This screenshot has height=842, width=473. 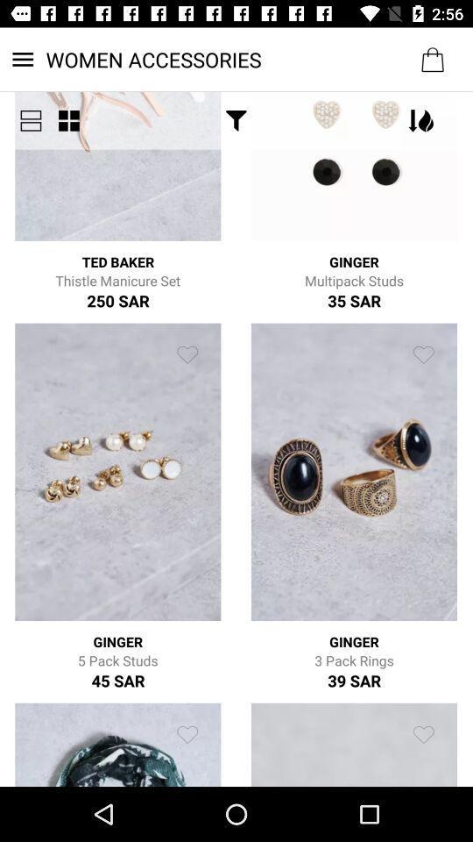 What do you see at coordinates (422, 119) in the screenshot?
I see `the filter icon` at bounding box center [422, 119].